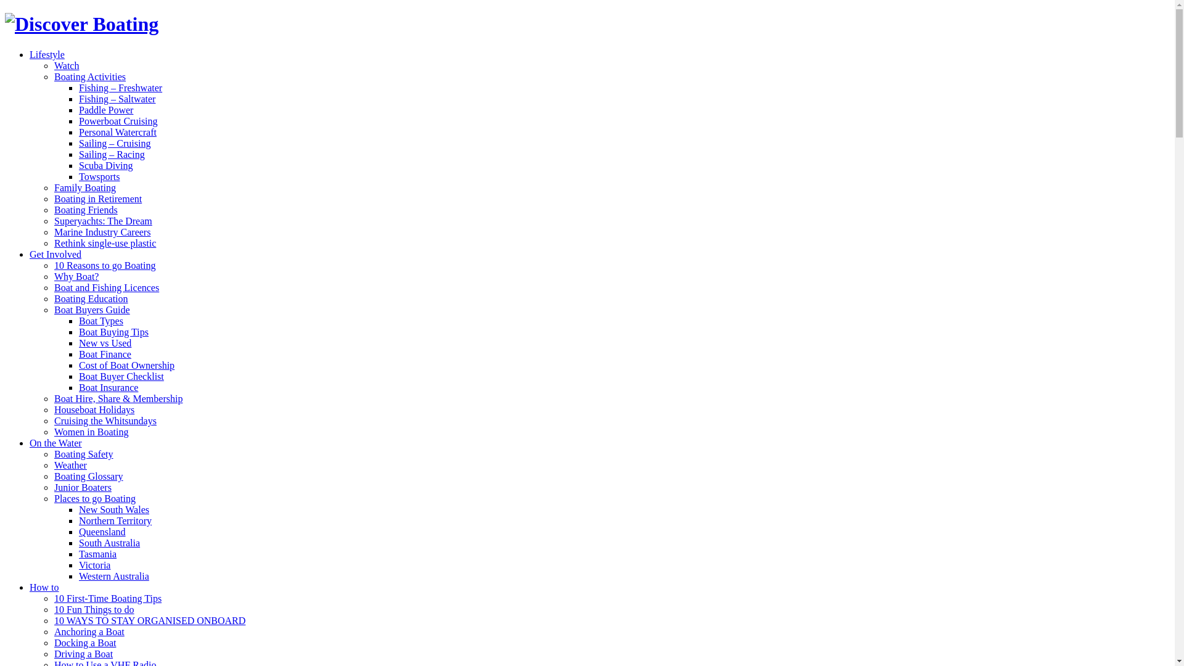  What do you see at coordinates (102, 232) in the screenshot?
I see `'Marine Industry Careers'` at bounding box center [102, 232].